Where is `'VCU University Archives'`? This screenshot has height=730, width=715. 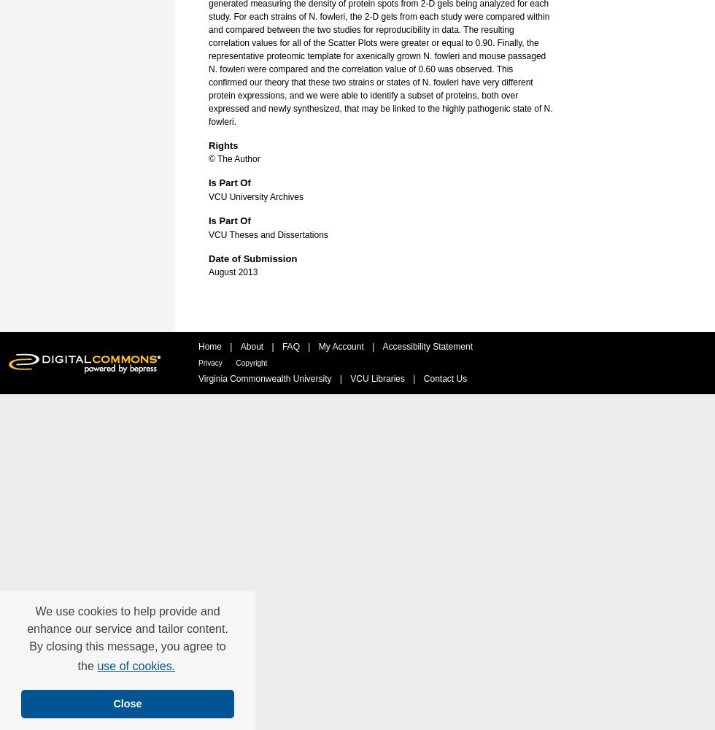 'VCU University Archives' is located at coordinates (208, 196).